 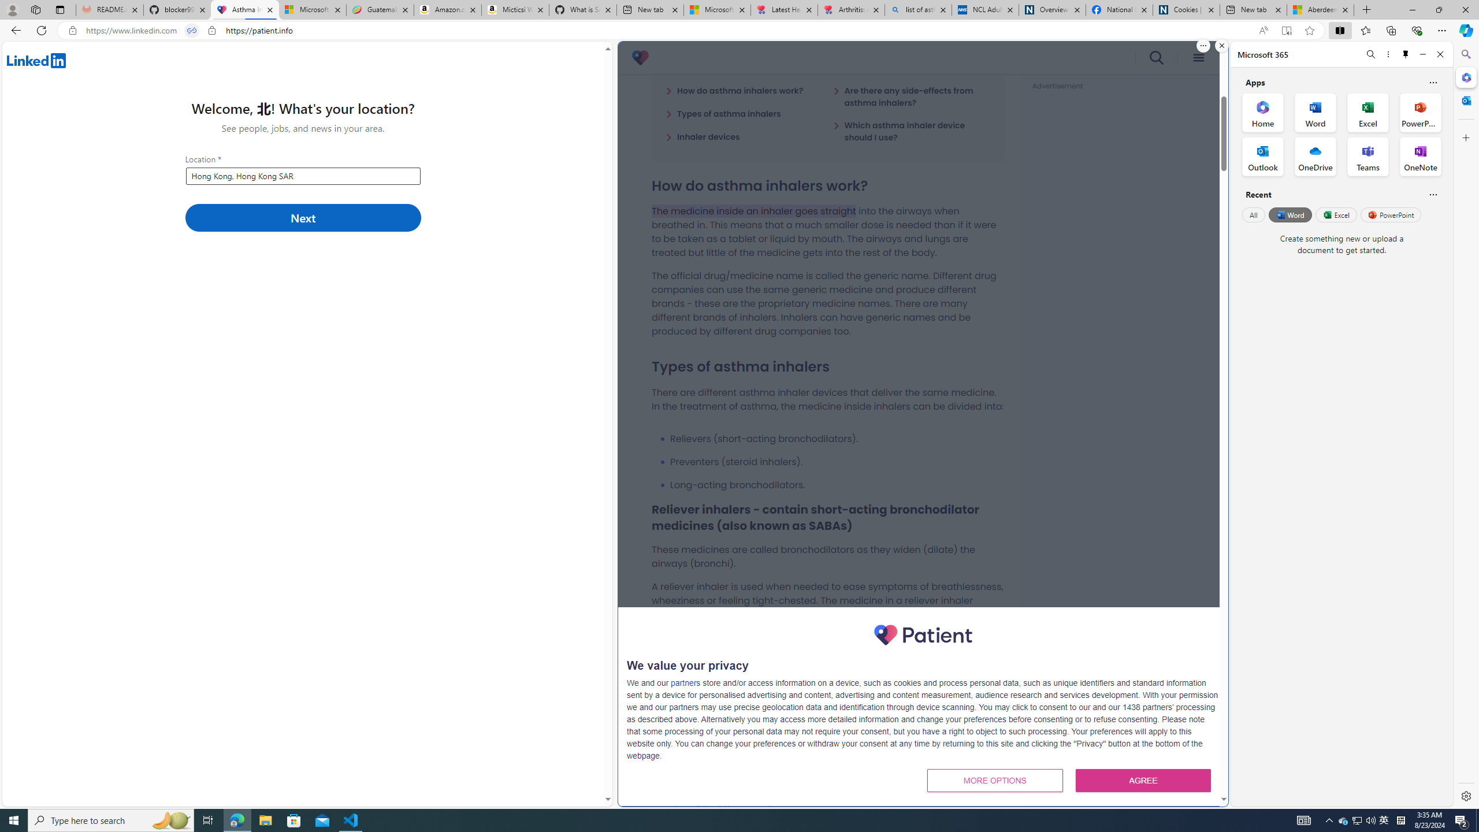 What do you see at coordinates (1262, 113) in the screenshot?
I see `'Home Office App'` at bounding box center [1262, 113].